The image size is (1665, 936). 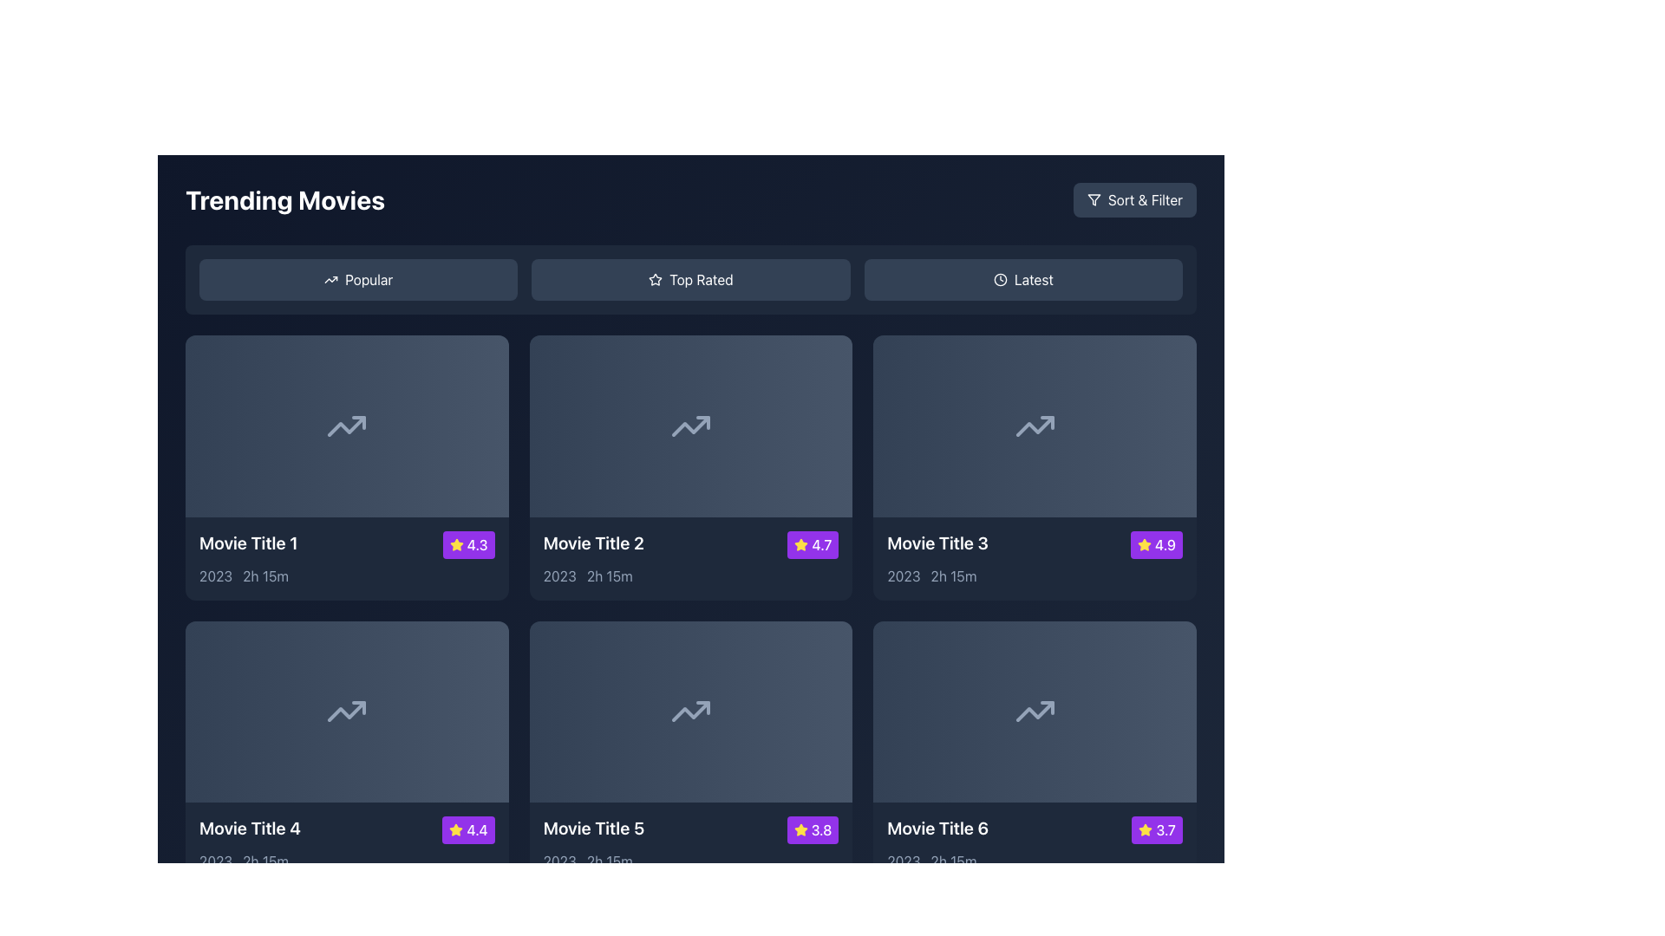 What do you see at coordinates (468, 543) in the screenshot?
I see `the Rating Badge located at the top-right of the first movie card, adjacent to 'Movie Title 1'` at bounding box center [468, 543].